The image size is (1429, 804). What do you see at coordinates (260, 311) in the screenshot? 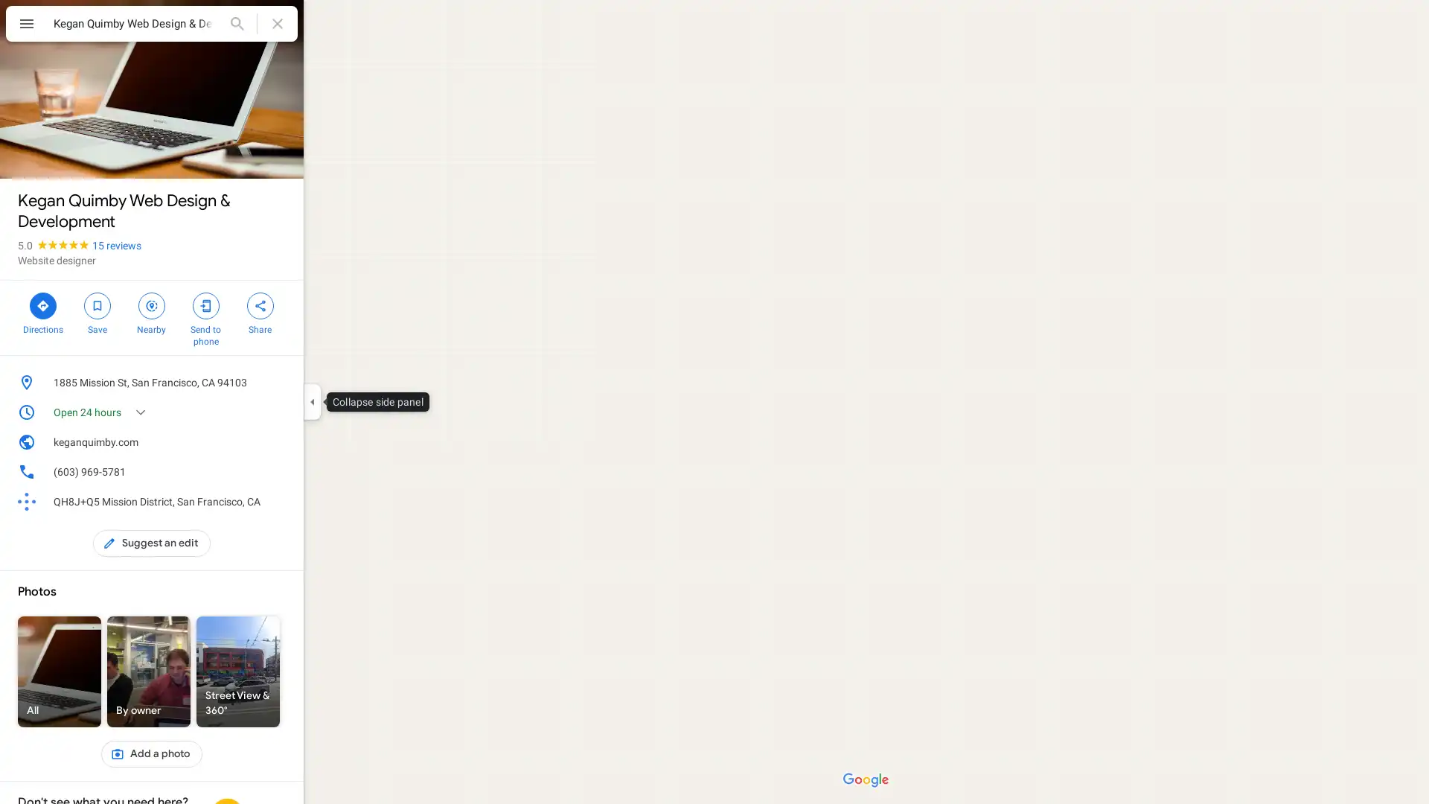
I see `Share Kegan Quimby Web Design & Development` at bounding box center [260, 311].